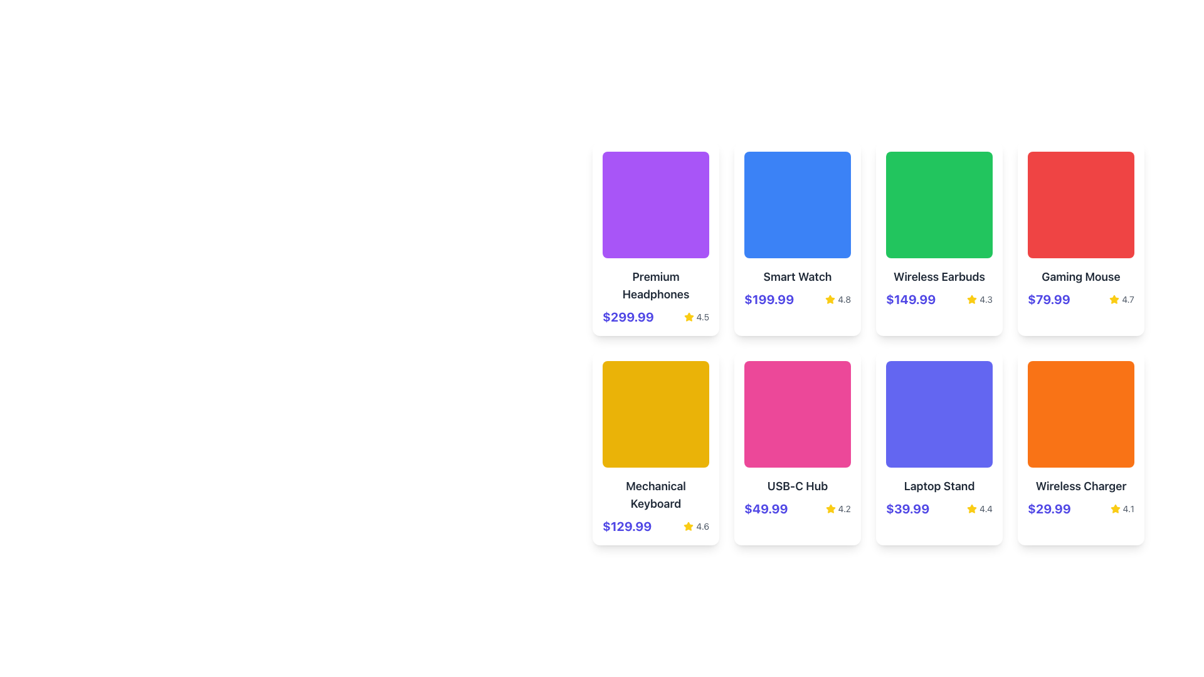 The height and width of the screenshot is (677, 1204). I want to click on text displaying the rating value of '4.1' from the rating indicator with a star icon, located at the bottom-right side of the 'Wireless Charger' card, so click(1122, 509).